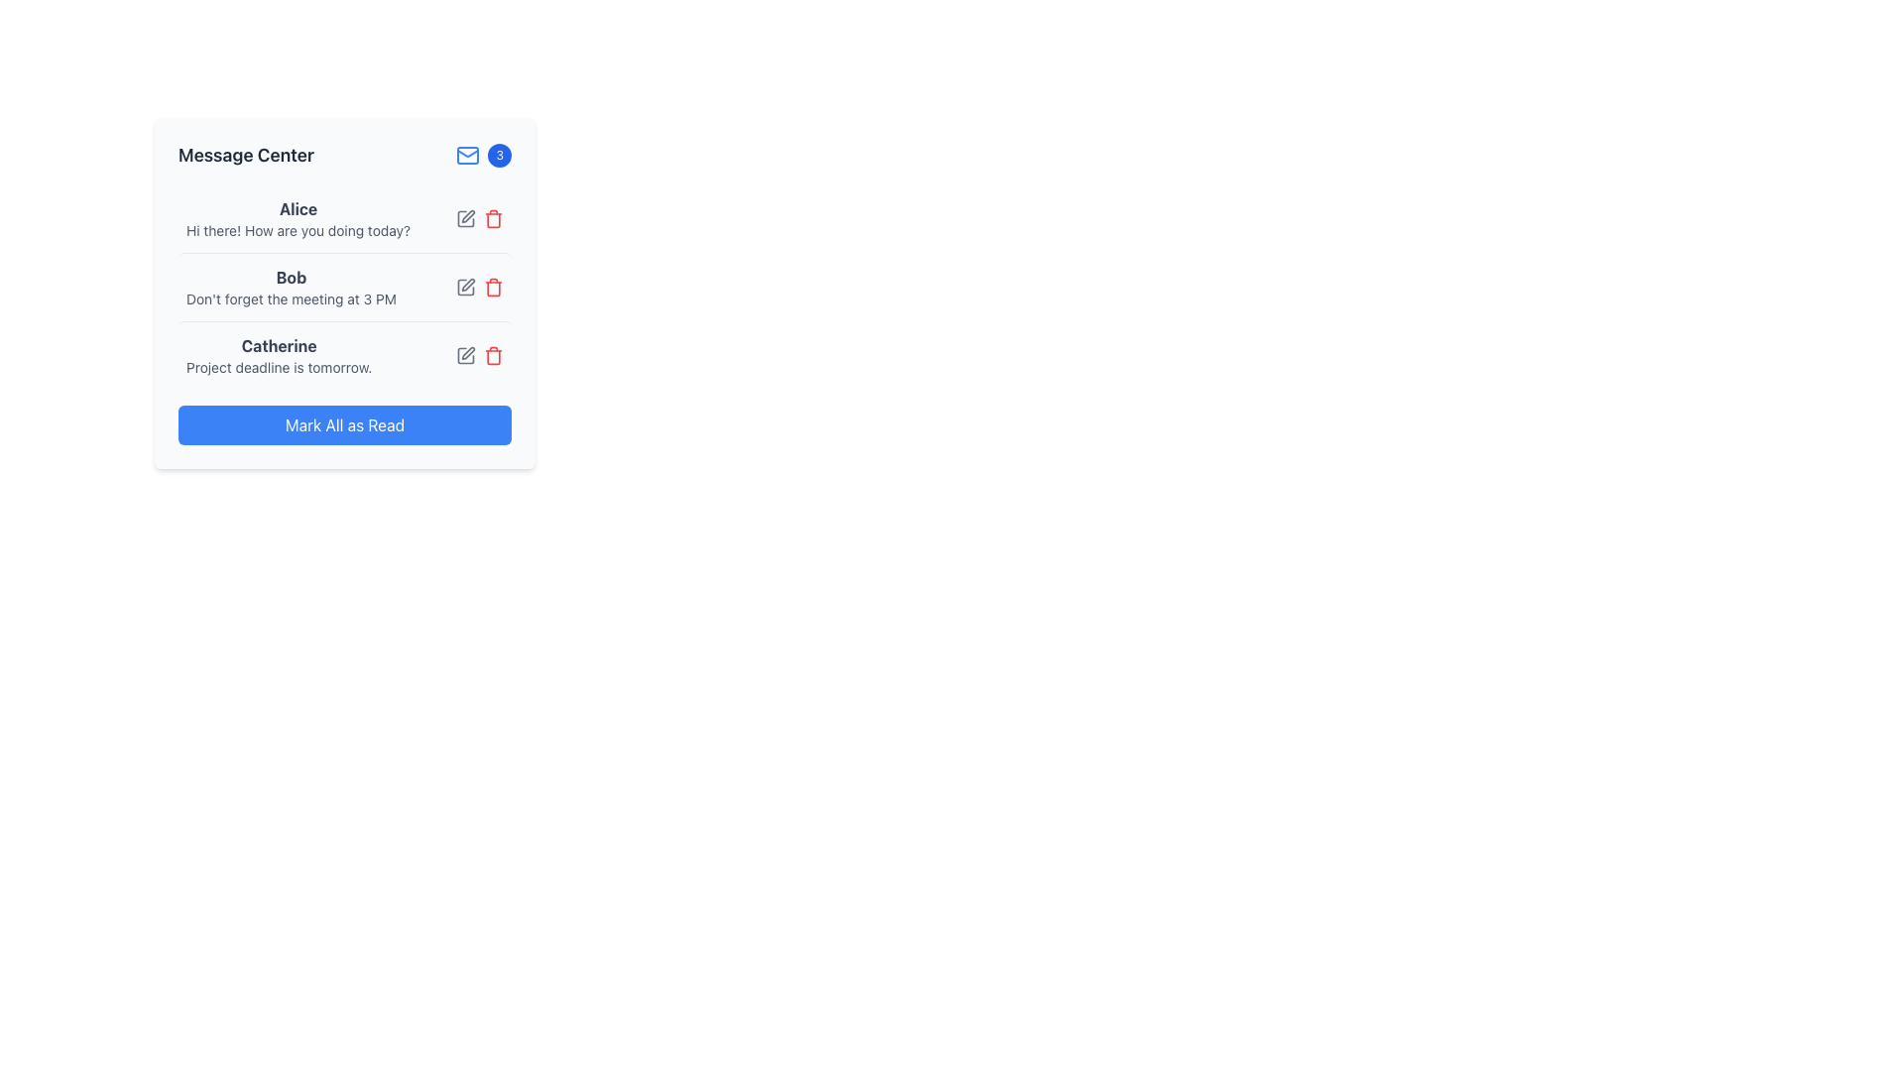 Image resolution: width=1904 pixels, height=1071 pixels. Describe the element at coordinates (297, 218) in the screenshot. I see `the message summary text block for user Alice located in the Message Center` at that location.